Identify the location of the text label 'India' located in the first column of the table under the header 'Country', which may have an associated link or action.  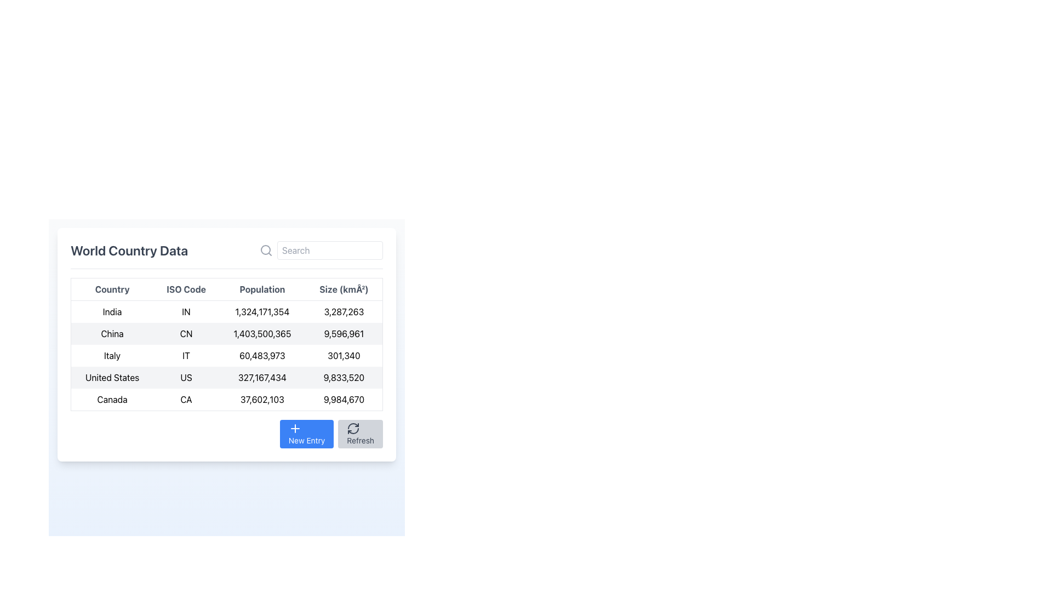
(112, 311).